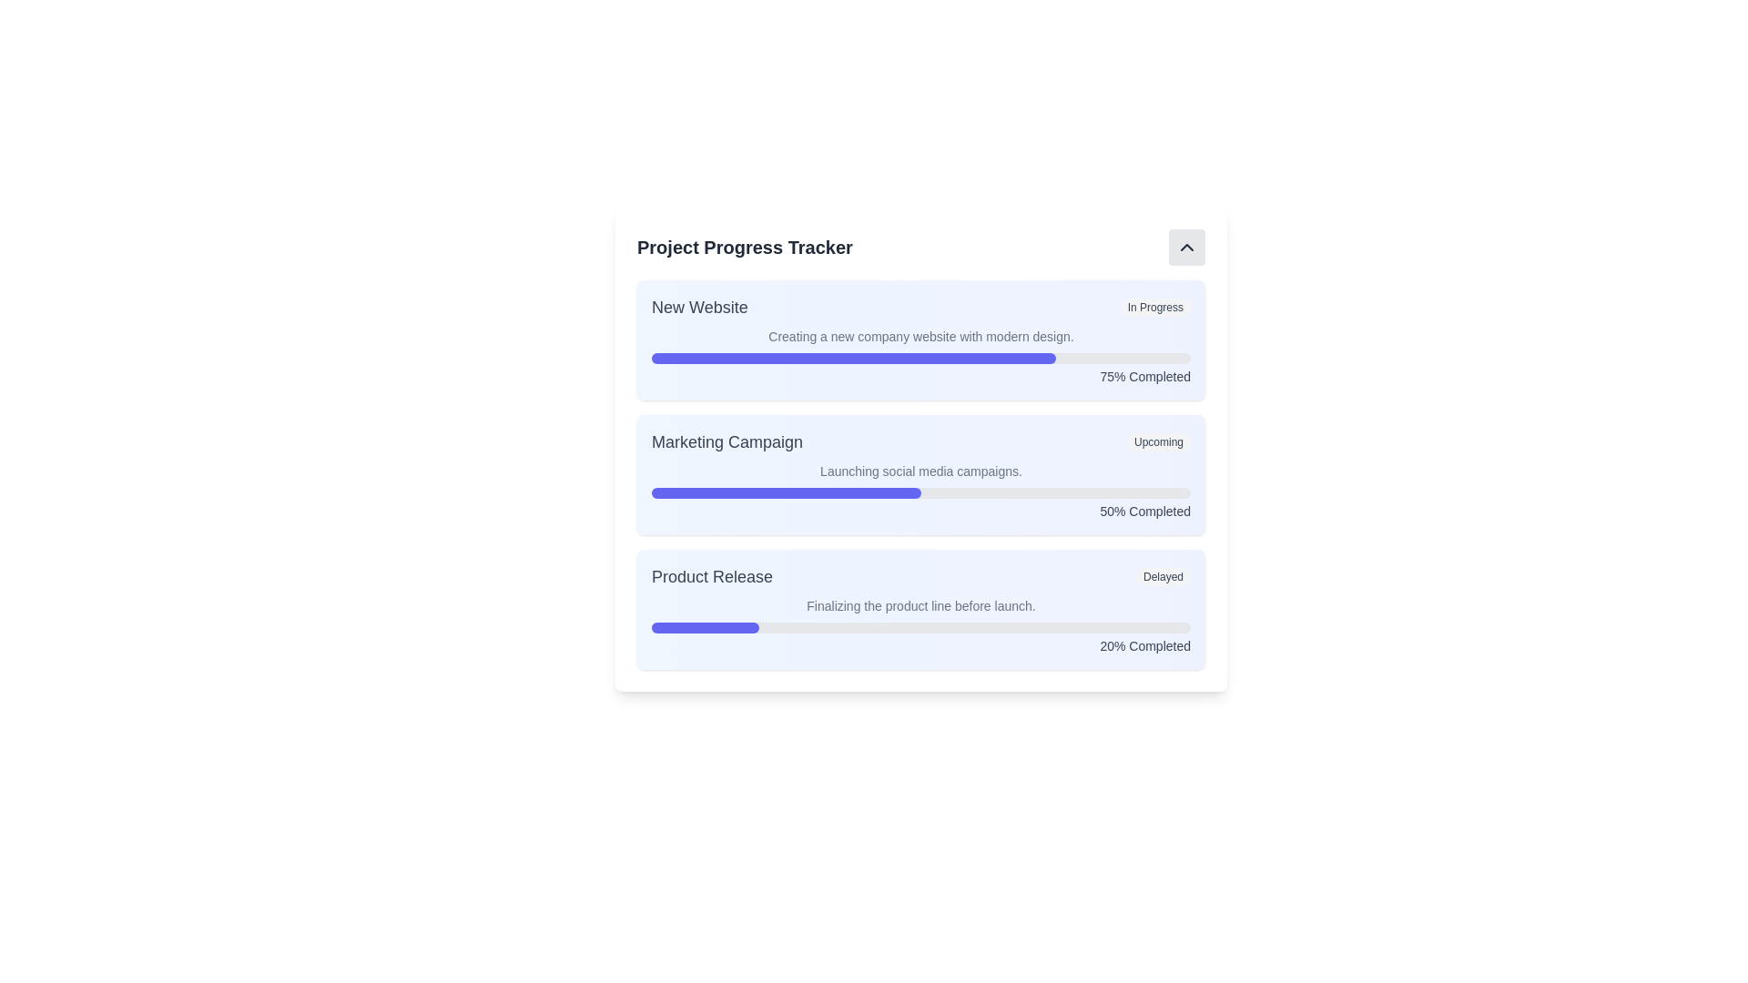  Describe the element at coordinates (1154, 307) in the screenshot. I see `the status indicator label that displays 'In Progress', located to the right of the 'New Website' title in the first list item` at that location.